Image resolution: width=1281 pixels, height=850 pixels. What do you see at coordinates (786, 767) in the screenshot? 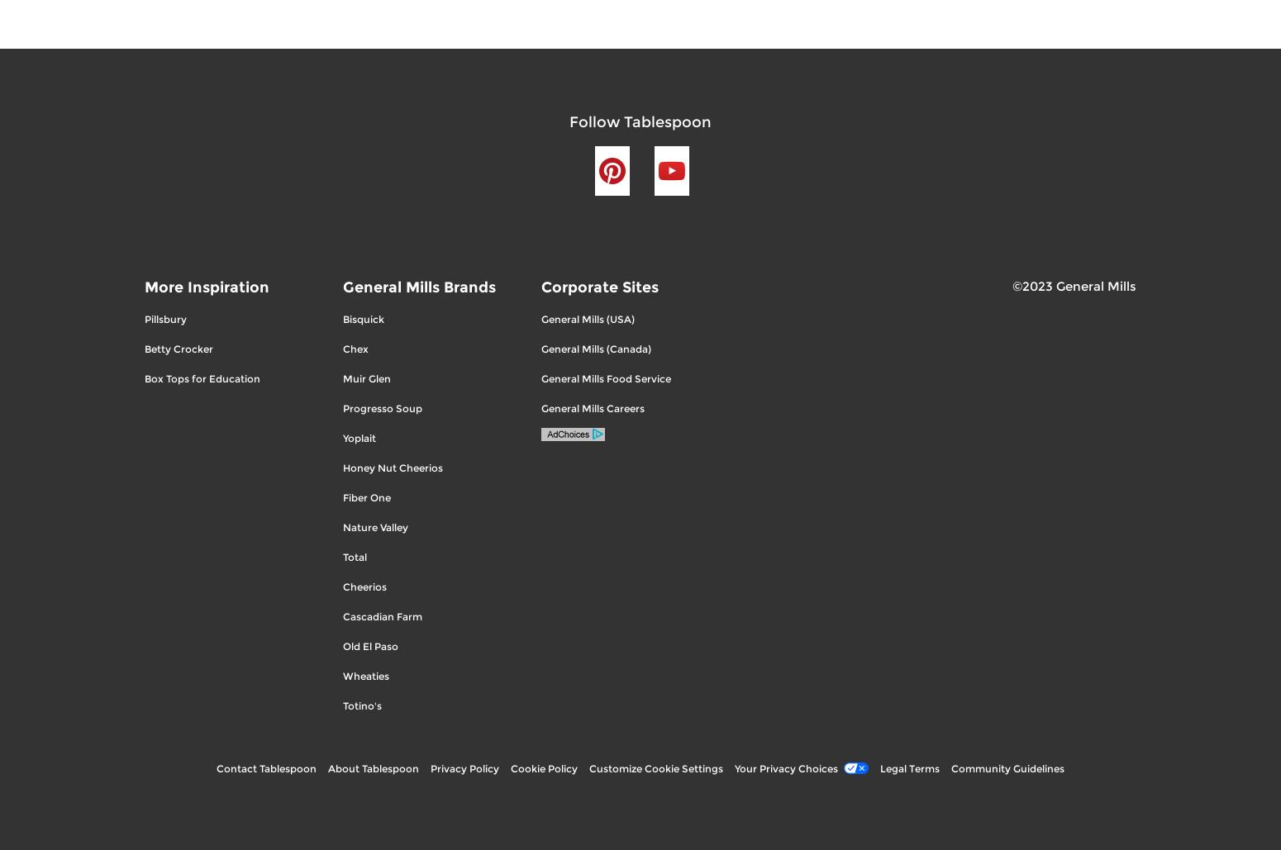
I see `'Your Privacy Choices'` at bounding box center [786, 767].